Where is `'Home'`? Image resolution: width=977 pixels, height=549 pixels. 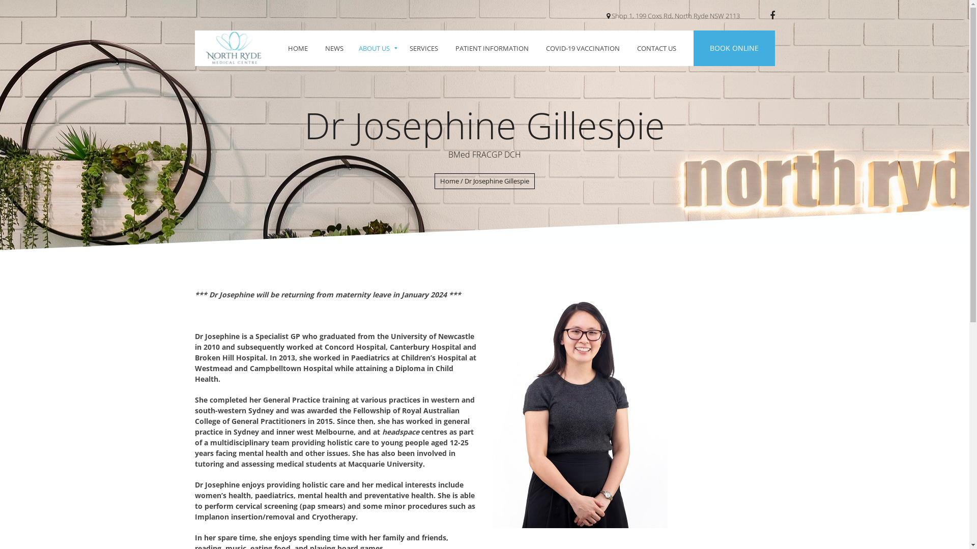
'Home' is located at coordinates (449, 180).